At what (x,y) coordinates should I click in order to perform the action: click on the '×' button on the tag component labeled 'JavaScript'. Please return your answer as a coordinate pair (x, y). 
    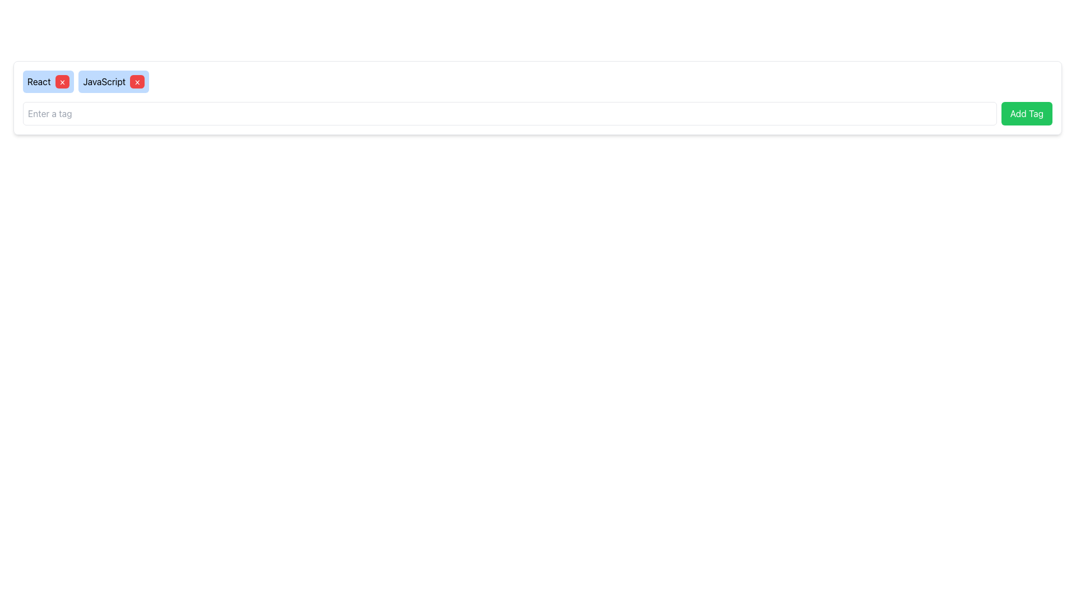
    Looking at the image, I should click on (114, 81).